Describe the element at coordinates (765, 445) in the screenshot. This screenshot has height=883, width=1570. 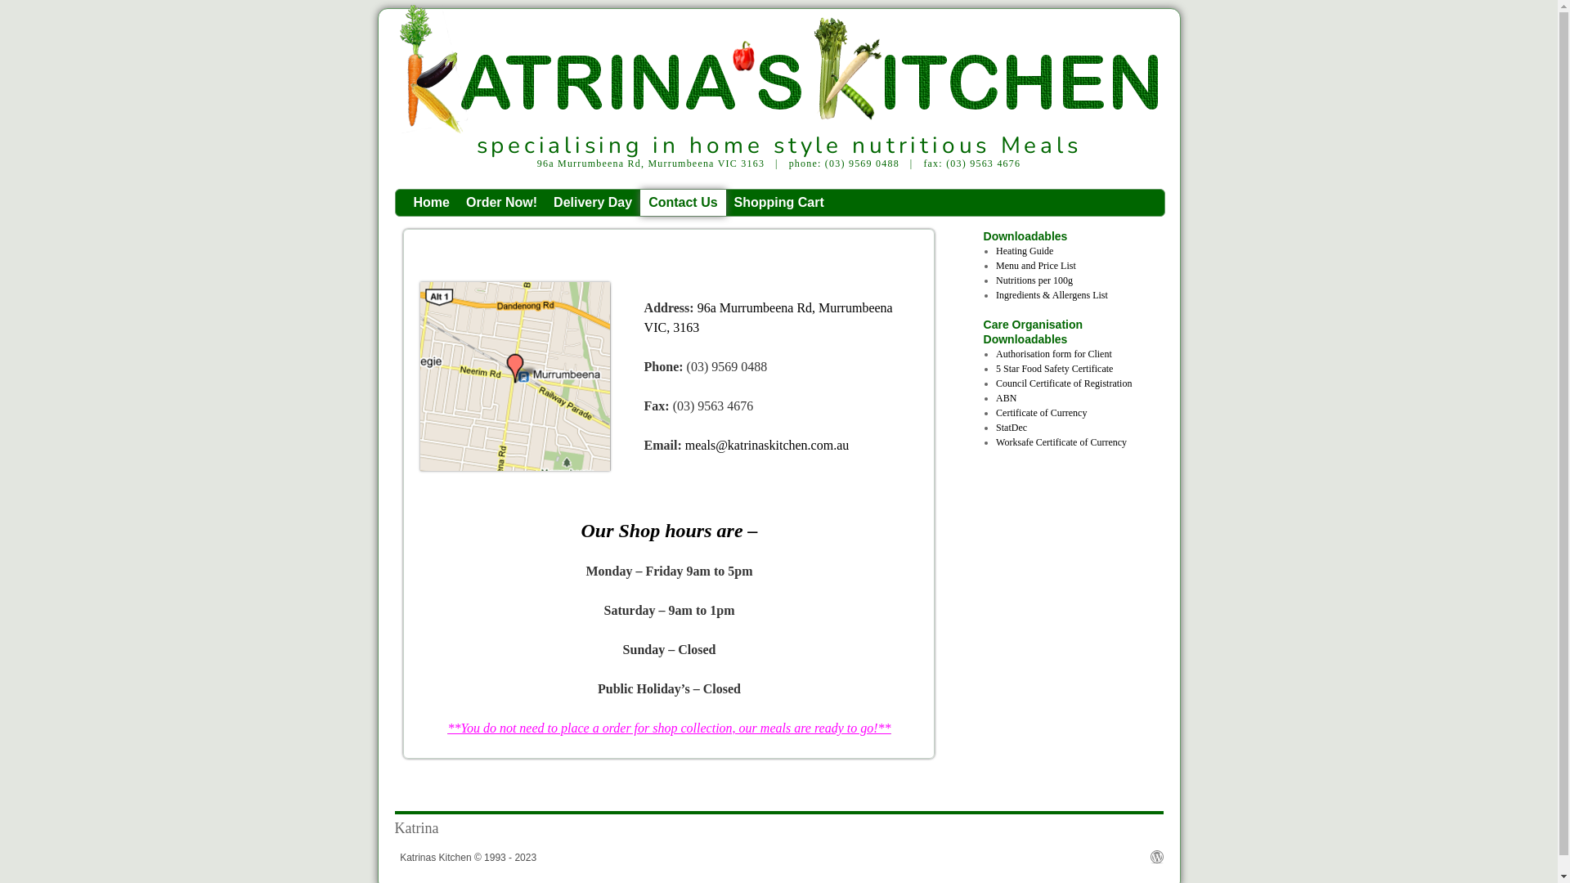
I see `'meals@katrinaskitchen.com.au'` at that location.